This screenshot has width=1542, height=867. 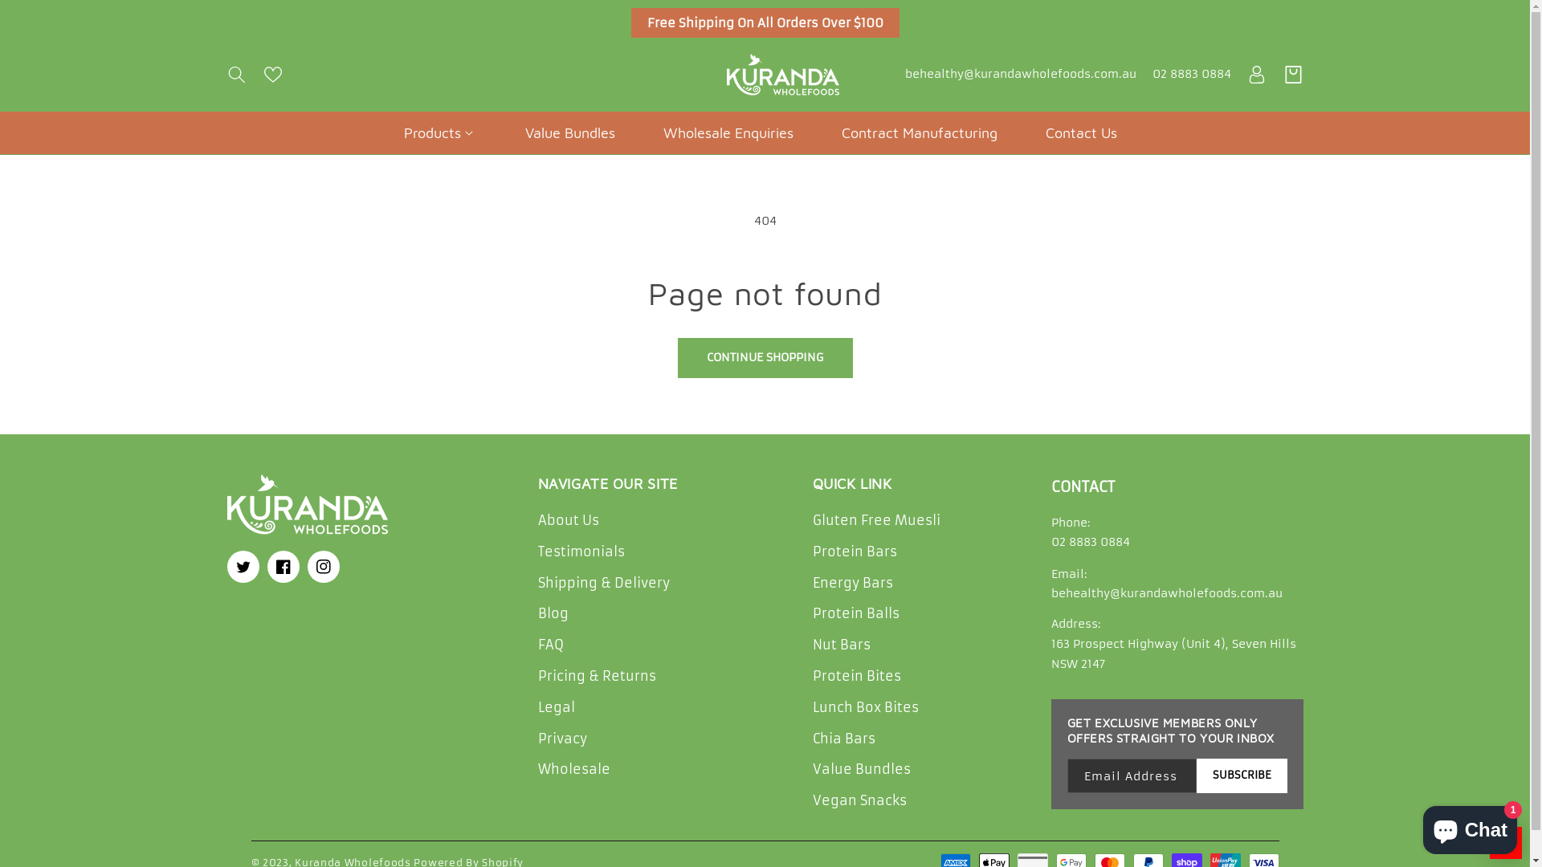 What do you see at coordinates (1470, 826) in the screenshot?
I see `'Shopify online store chat'` at bounding box center [1470, 826].